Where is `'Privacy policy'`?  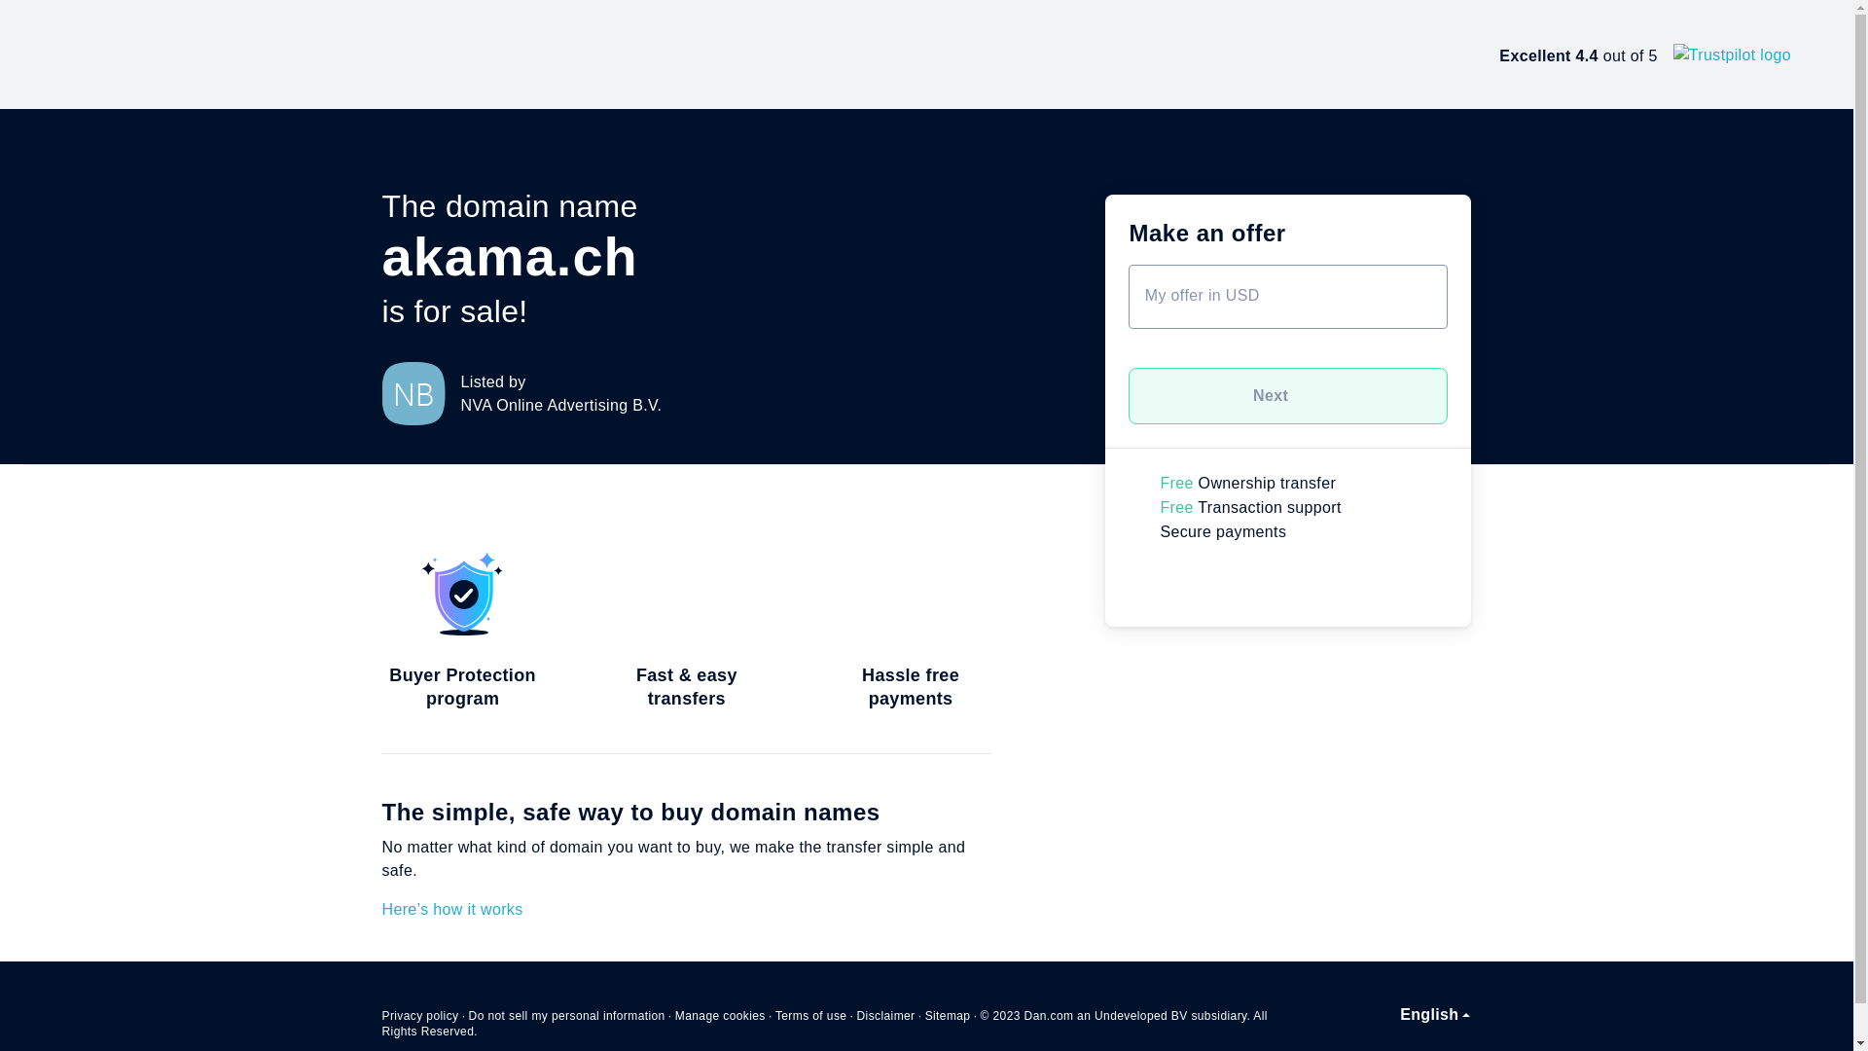
'Privacy policy' is located at coordinates (418, 1015).